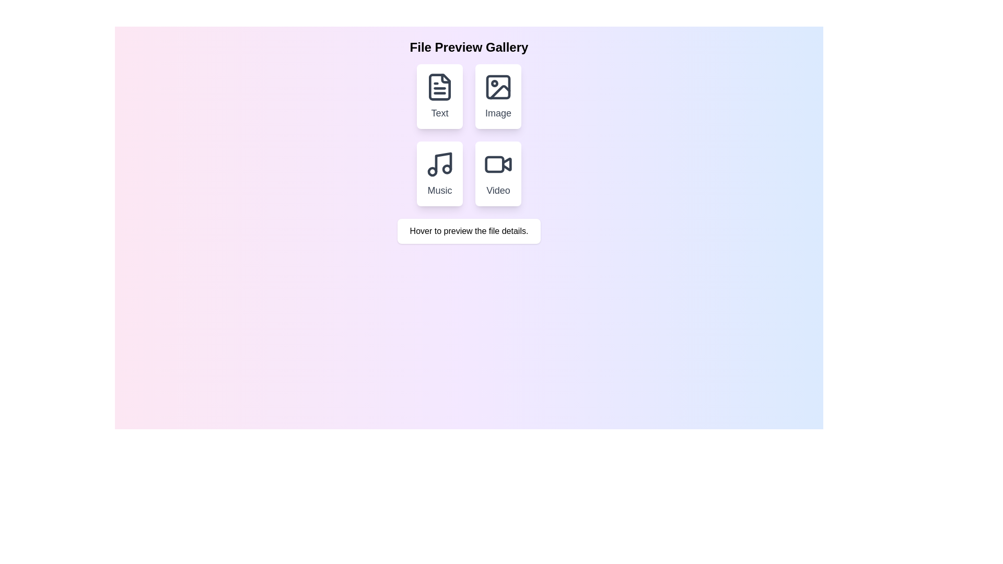 This screenshot has height=564, width=1003. Describe the element at coordinates (498, 173) in the screenshot. I see `the fourth selectable card with a camera-like video icon and the text label 'Video', located in the bottom right of the grid layout` at that location.